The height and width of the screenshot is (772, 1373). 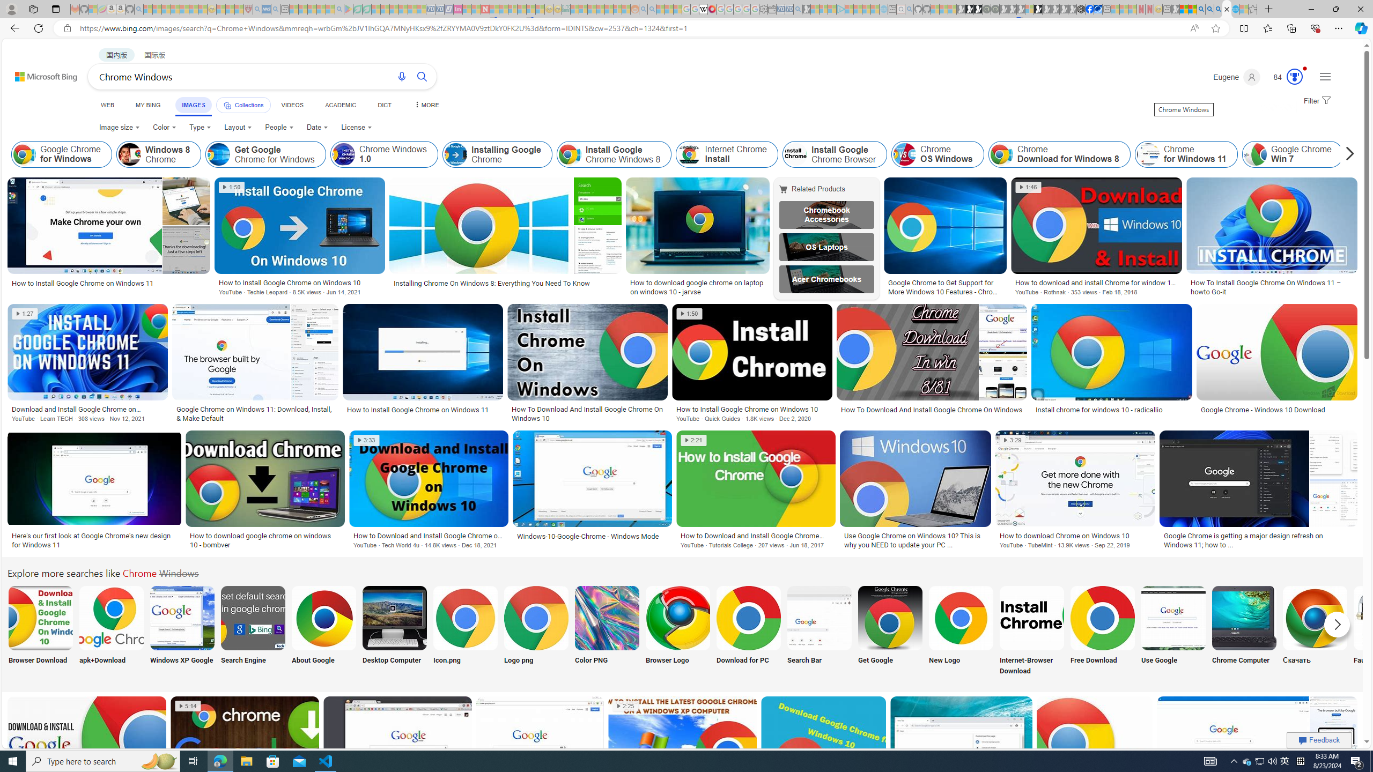 I want to click on 'Chrome Logo.png', so click(x=535, y=618).